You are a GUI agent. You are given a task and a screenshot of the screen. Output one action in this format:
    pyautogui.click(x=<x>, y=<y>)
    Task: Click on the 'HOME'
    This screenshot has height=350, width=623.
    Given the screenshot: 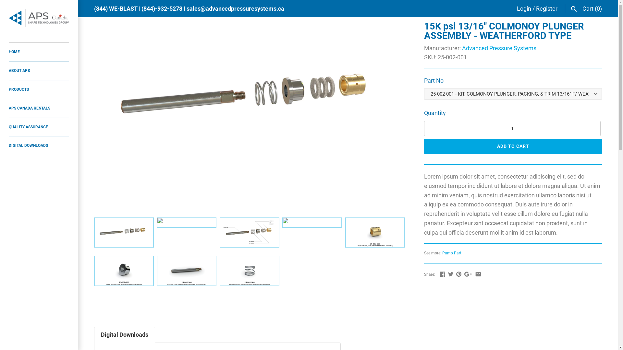 What is the action you would take?
    pyautogui.click(x=39, y=52)
    